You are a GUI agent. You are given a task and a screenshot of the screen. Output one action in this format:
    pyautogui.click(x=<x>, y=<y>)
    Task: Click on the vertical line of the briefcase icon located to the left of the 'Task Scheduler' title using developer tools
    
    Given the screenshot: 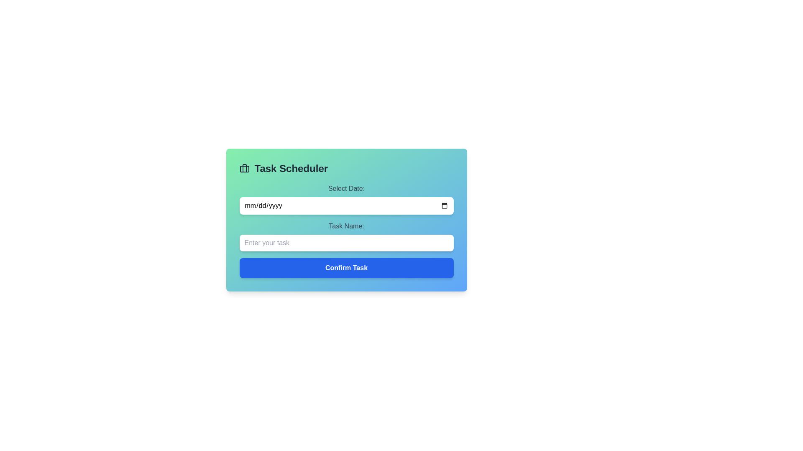 What is the action you would take?
    pyautogui.click(x=244, y=168)
    